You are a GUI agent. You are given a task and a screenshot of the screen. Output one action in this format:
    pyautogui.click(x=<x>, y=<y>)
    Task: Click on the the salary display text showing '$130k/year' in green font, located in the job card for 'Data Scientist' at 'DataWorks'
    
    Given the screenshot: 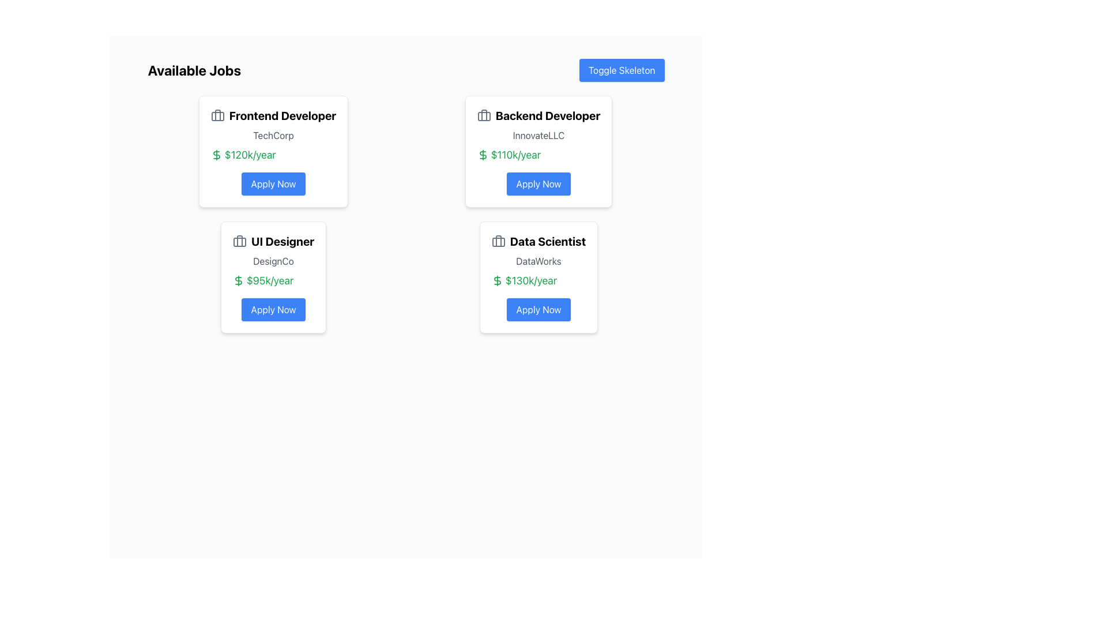 What is the action you would take?
    pyautogui.click(x=538, y=280)
    